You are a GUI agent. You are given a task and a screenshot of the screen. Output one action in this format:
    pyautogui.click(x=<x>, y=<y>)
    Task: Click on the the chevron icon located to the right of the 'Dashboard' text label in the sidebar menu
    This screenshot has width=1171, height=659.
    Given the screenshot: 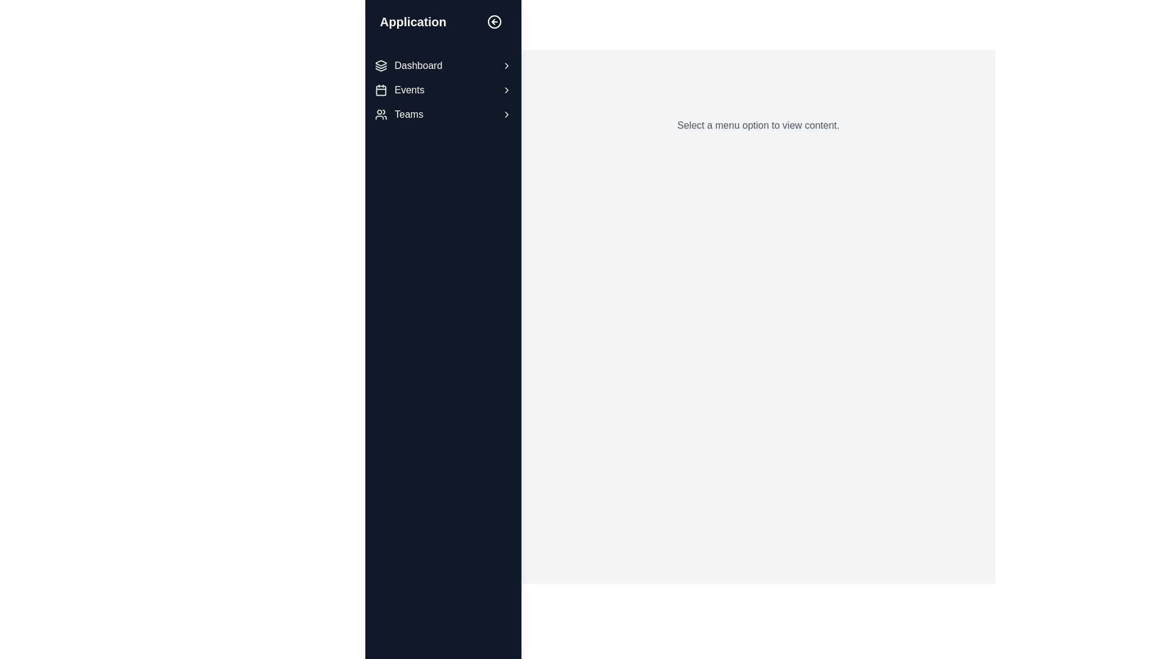 What is the action you would take?
    pyautogui.click(x=506, y=66)
    